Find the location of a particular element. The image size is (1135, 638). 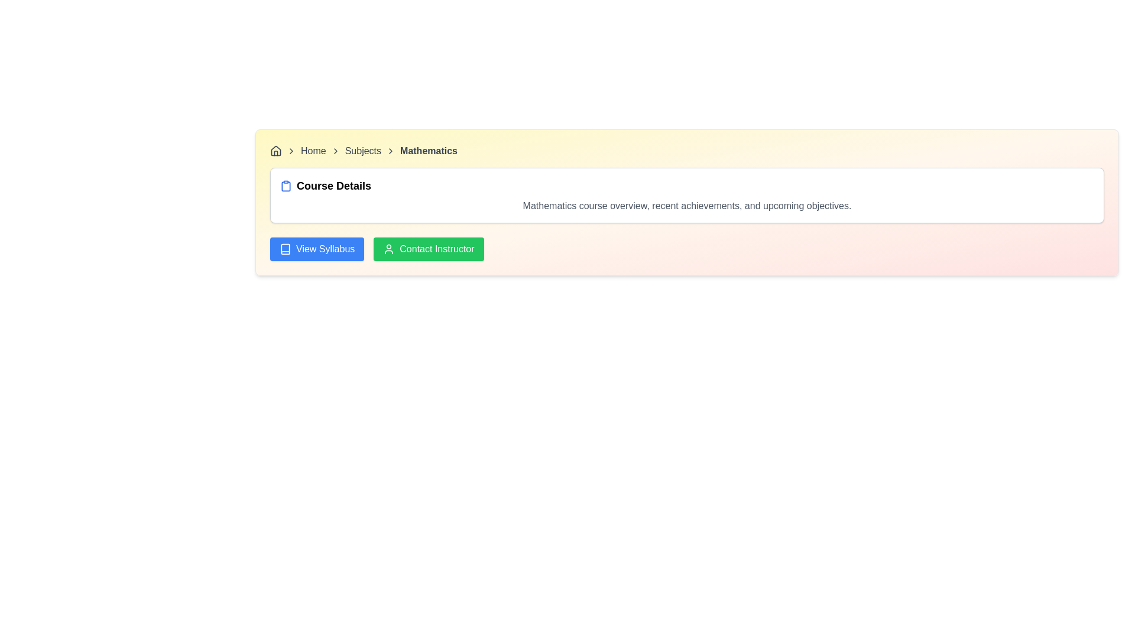

the blue clipboard icon located in the 'Course Details' header section, which is positioned to the left of the text 'Course Details' is located at coordinates (286, 186).